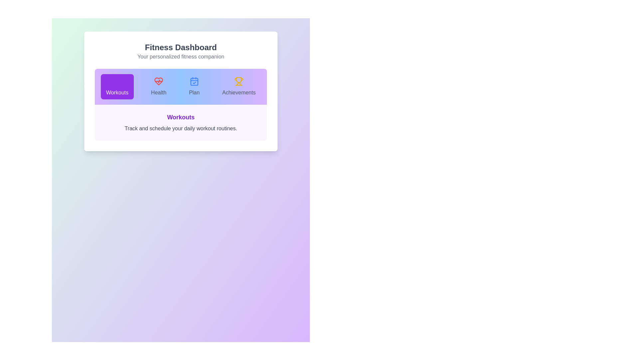  Describe the element at coordinates (117, 86) in the screenshot. I see `the 'Workouts' tab to select it` at that location.